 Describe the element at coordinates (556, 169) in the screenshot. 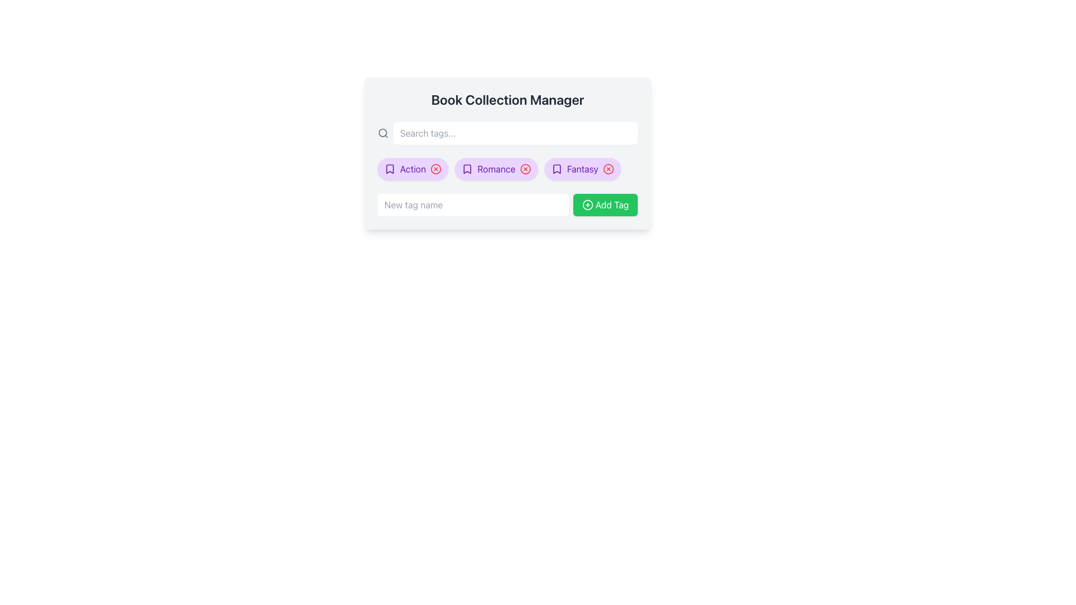

I see `the bookmark icon associated with the 'Fantasy' tag, which is located below the search bar and to the left of the tag's close button` at that location.